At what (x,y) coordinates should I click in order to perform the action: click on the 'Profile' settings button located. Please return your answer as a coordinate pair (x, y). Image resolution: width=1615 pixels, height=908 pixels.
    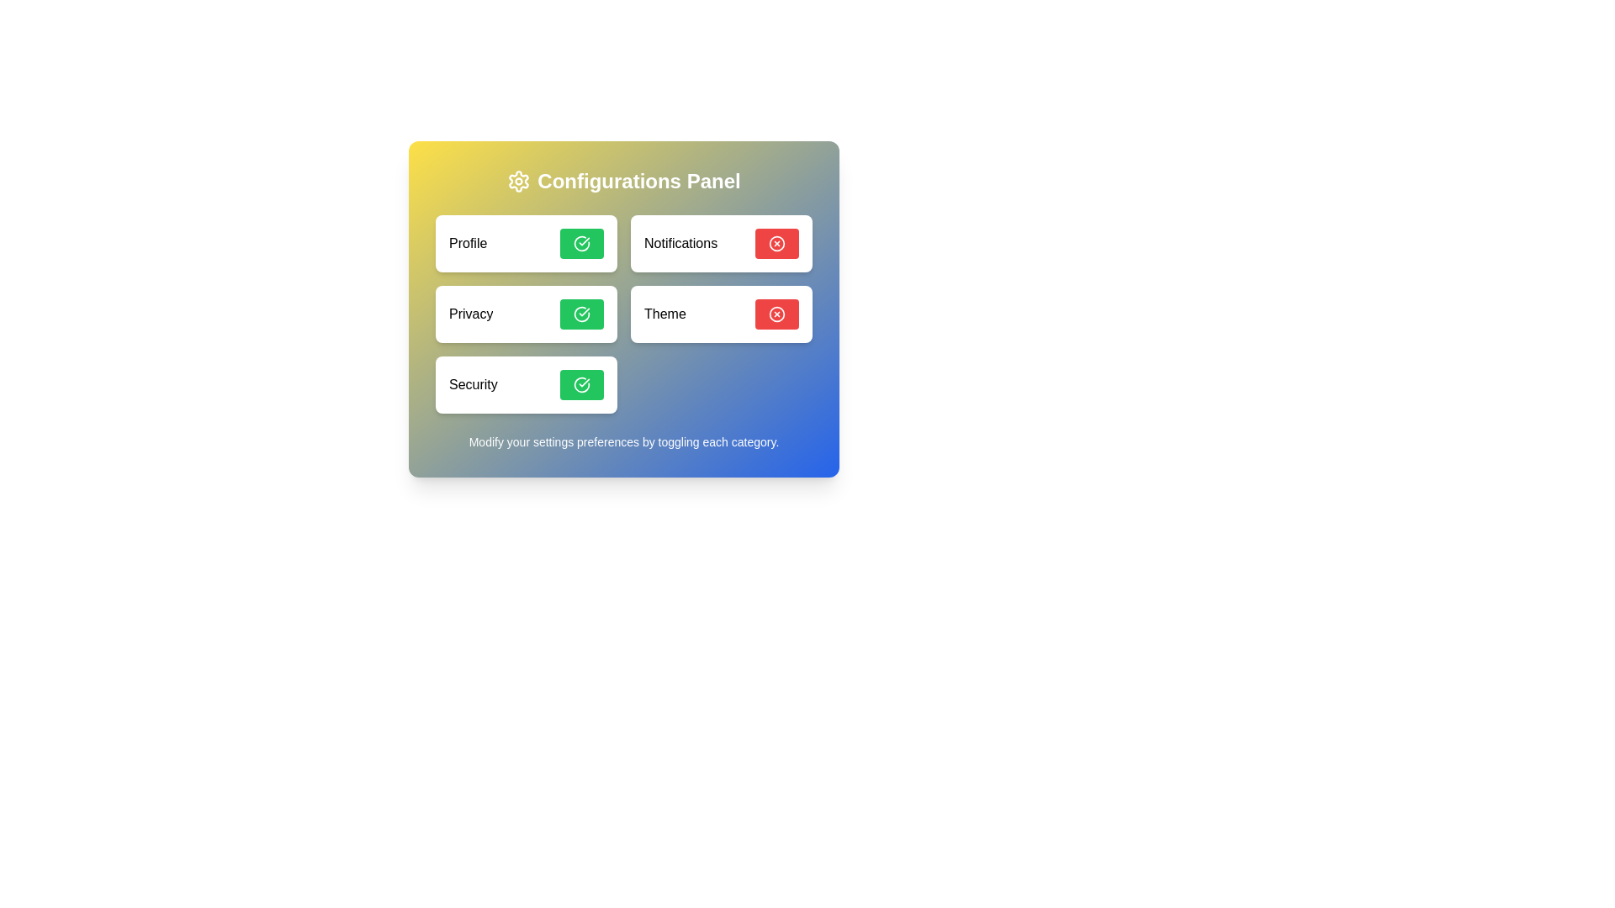
    Looking at the image, I should click on (581, 243).